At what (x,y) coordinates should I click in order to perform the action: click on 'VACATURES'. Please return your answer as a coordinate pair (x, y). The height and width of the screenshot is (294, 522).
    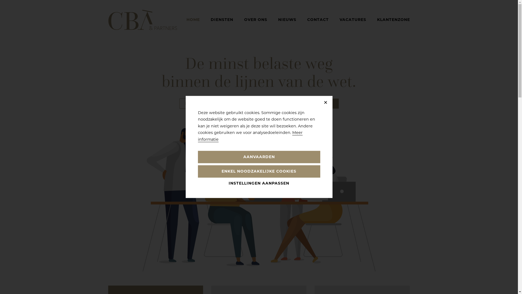
    Looking at the image, I should click on (352, 19).